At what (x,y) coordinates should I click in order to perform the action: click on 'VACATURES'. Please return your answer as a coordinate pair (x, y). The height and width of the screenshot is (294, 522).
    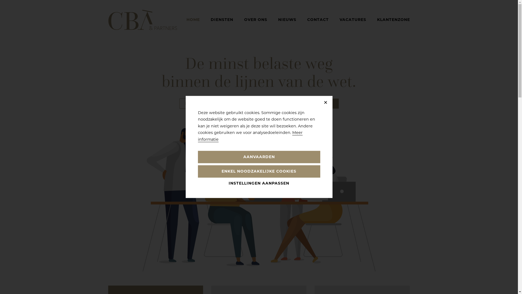
    Looking at the image, I should click on (352, 19).